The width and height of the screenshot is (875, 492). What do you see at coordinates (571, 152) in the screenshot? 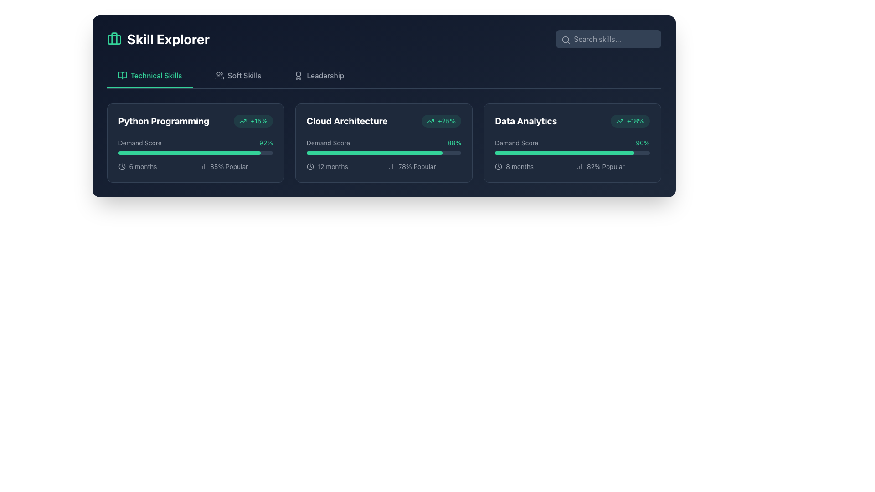
I see `the Progress bar located in the 'Data Analytics' card below 'Demand Score' and adjacent to '90%'` at bounding box center [571, 152].